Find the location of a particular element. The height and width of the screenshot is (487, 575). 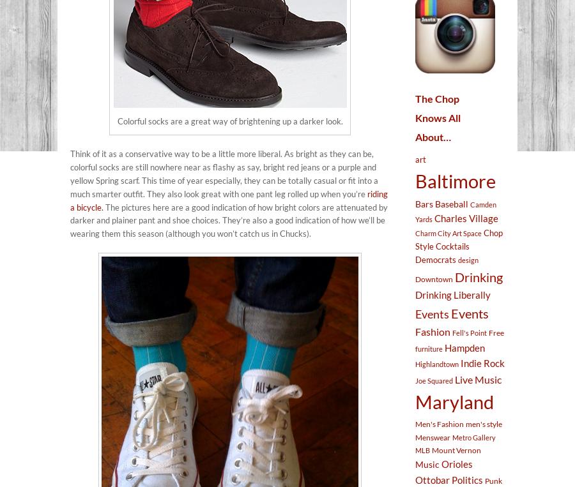

'Downtown' is located at coordinates (415, 278).